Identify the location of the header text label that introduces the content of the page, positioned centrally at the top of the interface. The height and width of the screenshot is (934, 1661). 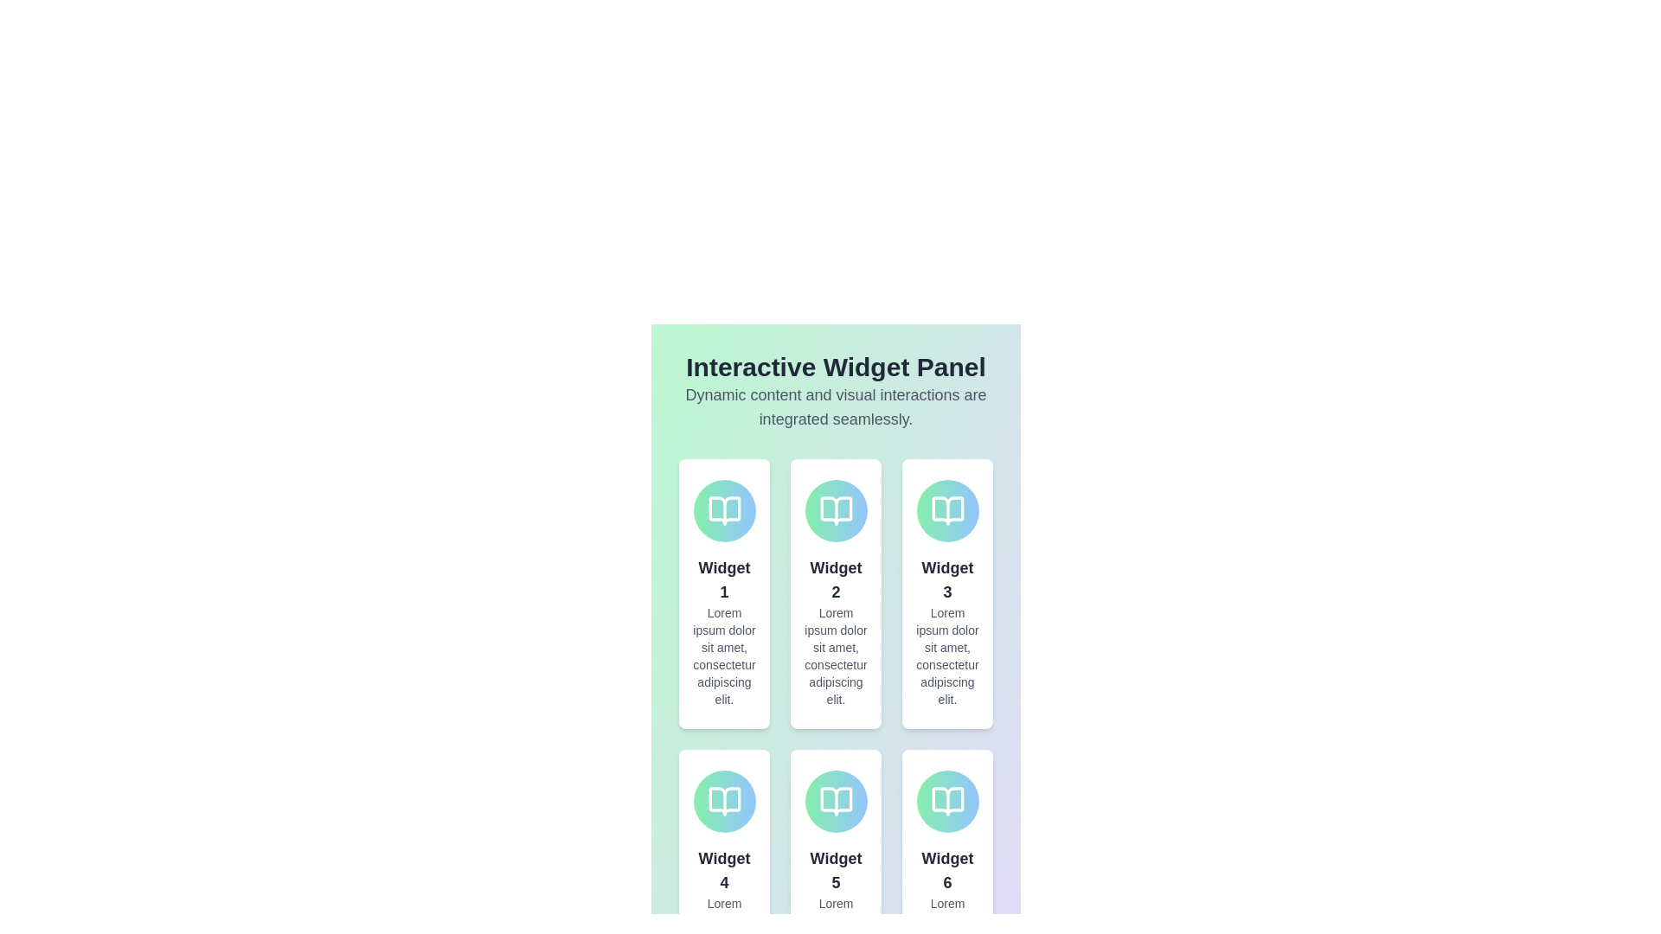
(836, 366).